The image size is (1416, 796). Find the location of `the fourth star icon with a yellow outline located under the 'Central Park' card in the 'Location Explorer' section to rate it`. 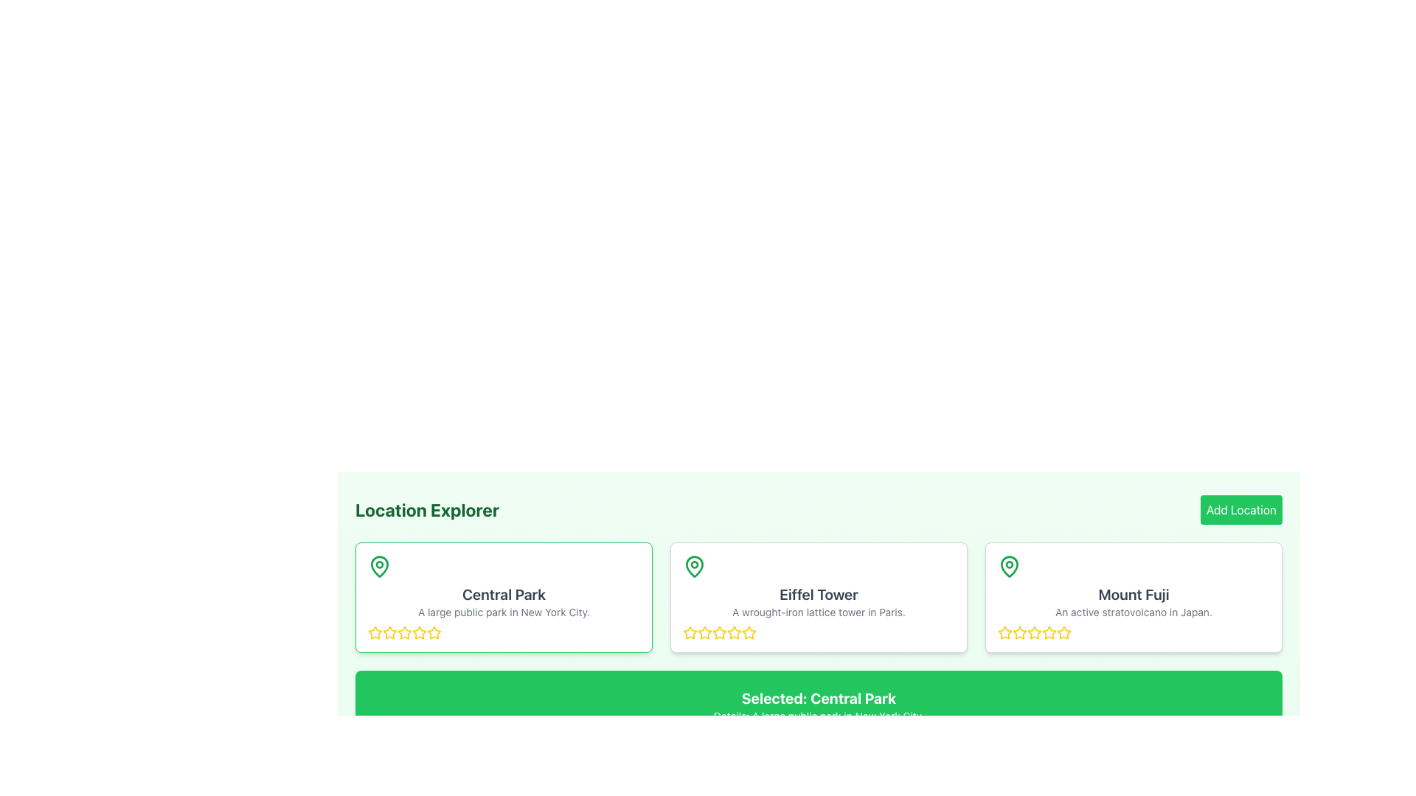

the fourth star icon with a yellow outline located under the 'Central Park' card in the 'Location Explorer' section to rate it is located at coordinates (434, 632).